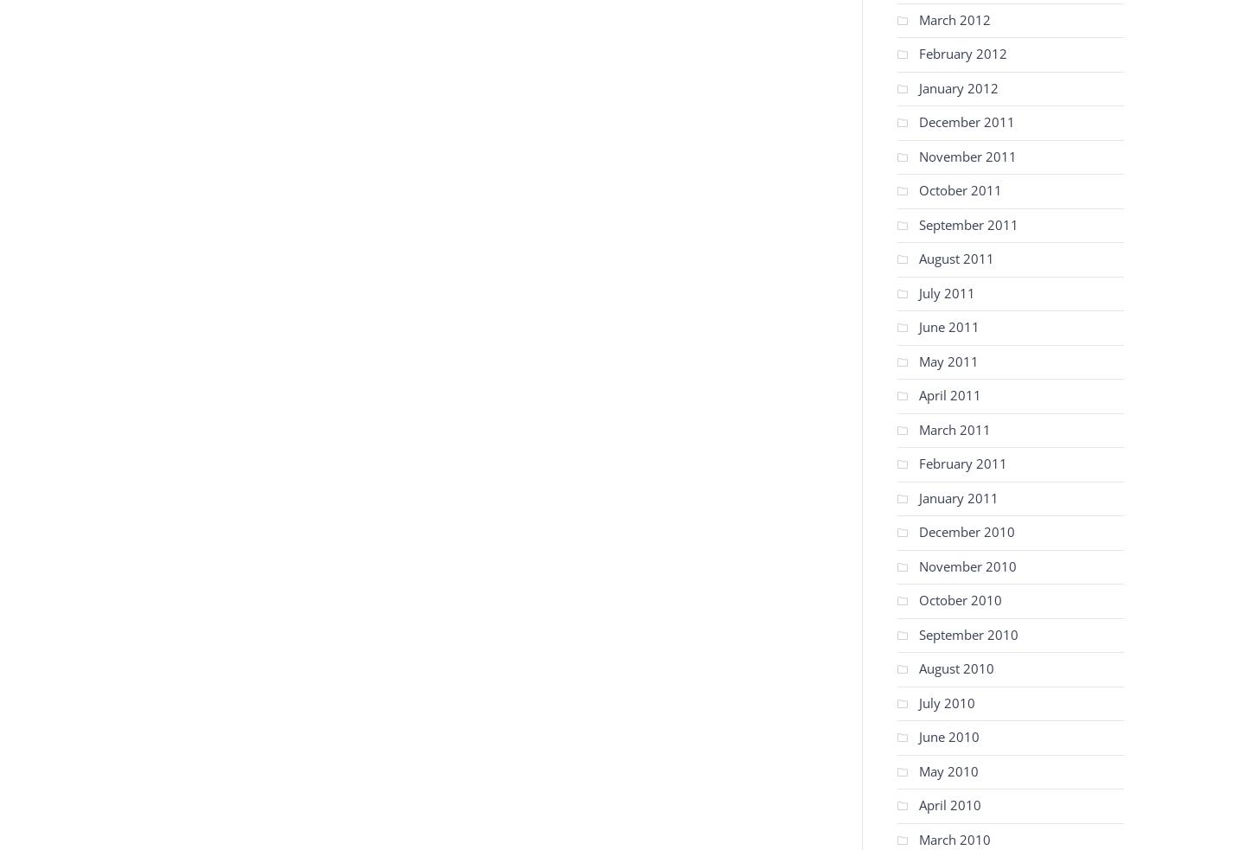  What do you see at coordinates (955, 668) in the screenshot?
I see `'August 2010'` at bounding box center [955, 668].